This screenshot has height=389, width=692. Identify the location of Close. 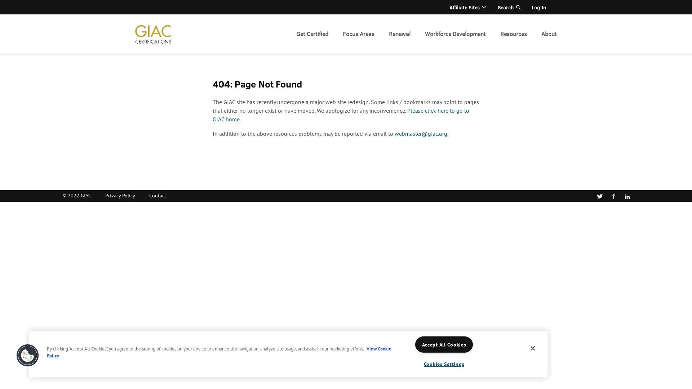
(533, 348).